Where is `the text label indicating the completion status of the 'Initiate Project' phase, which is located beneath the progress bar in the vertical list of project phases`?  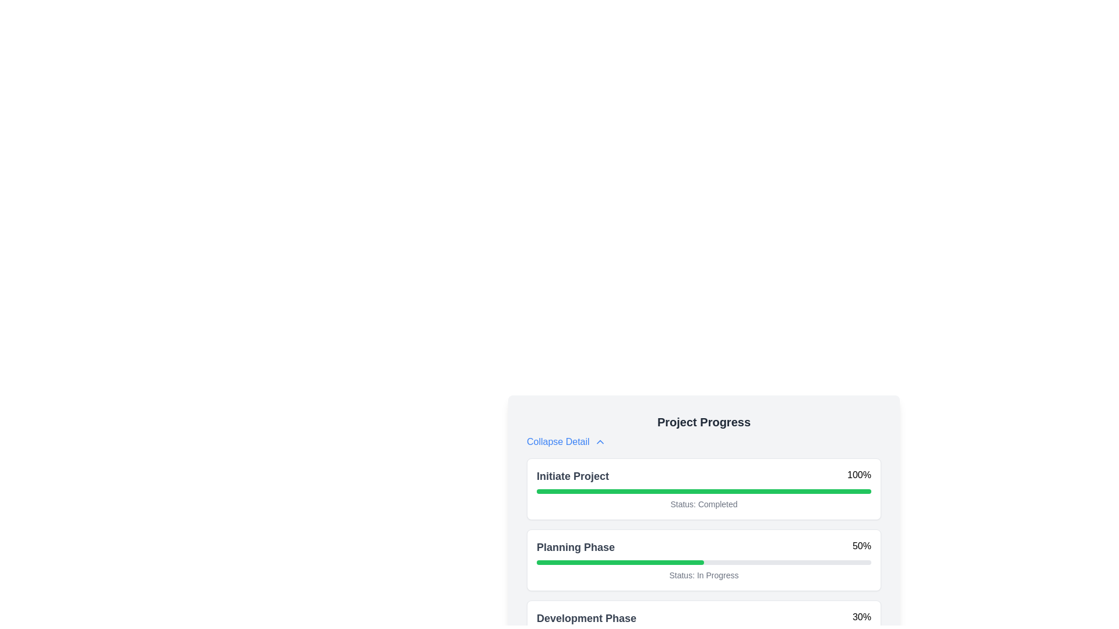
the text label indicating the completion status of the 'Initiate Project' phase, which is located beneath the progress bar in the vertical list of project phases is located at coordinates (703, 504).